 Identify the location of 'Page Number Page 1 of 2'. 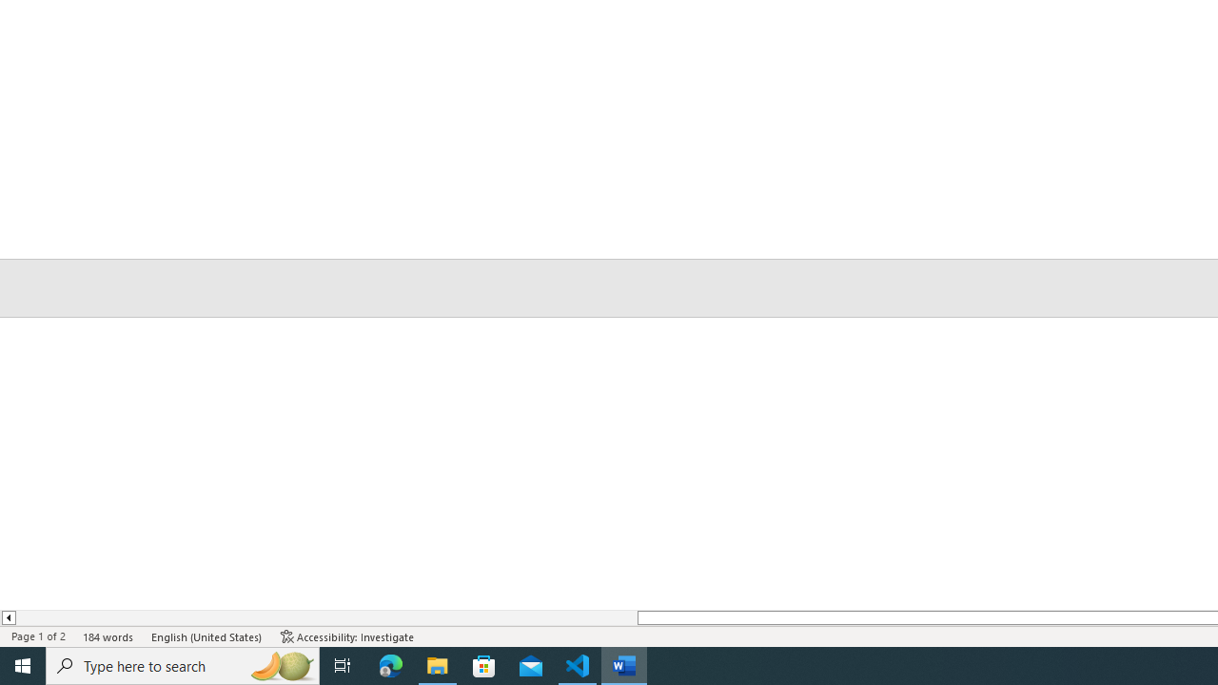
(38, 636).